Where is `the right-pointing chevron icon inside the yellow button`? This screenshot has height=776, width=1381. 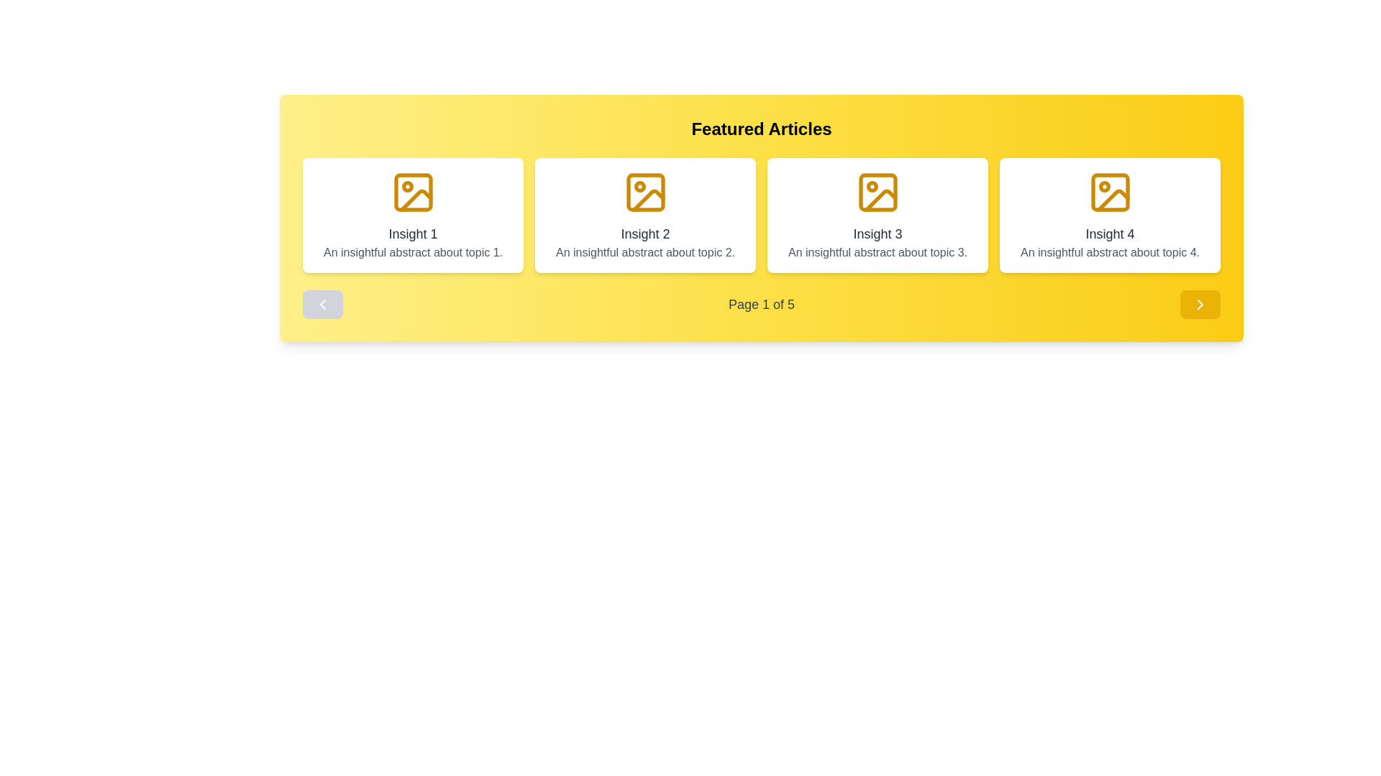
the right-pointing chevron icon inside the yellow button is located at coordinates (1200, 304).